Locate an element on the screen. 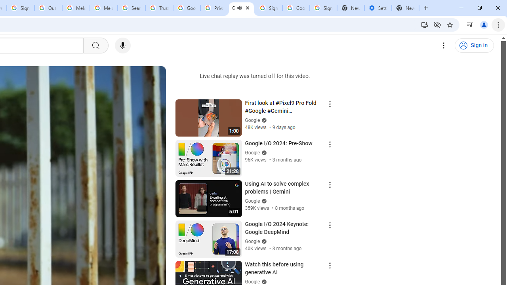  'Settings - Addresses and more' is located at coordinates (377, 8).